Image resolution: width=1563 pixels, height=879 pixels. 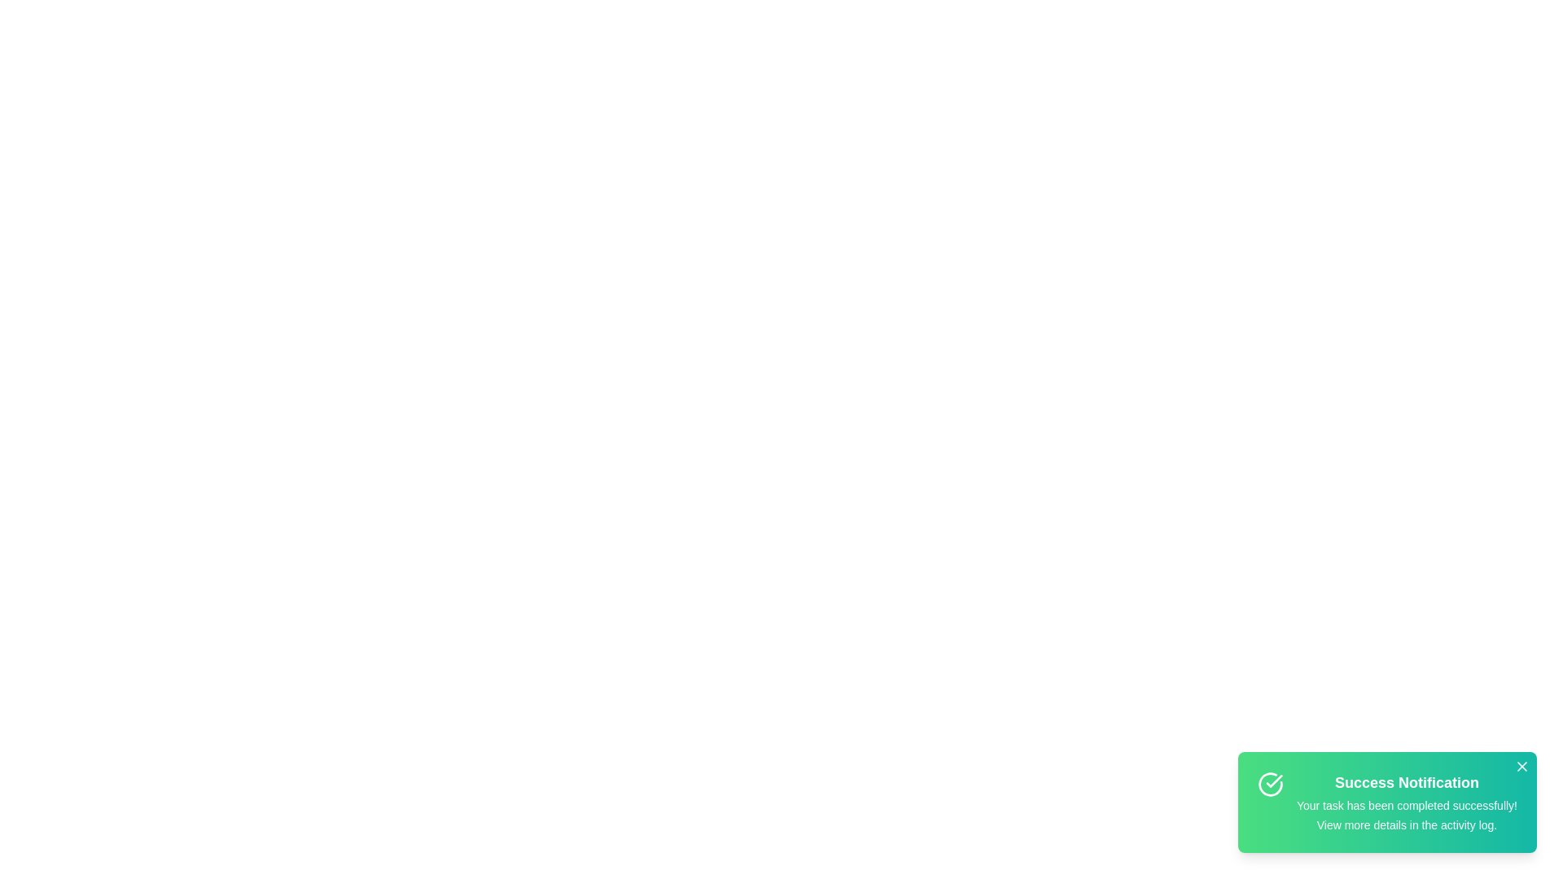 I want to click on the notification icon to interact with it, so click(x=1269, y=784).